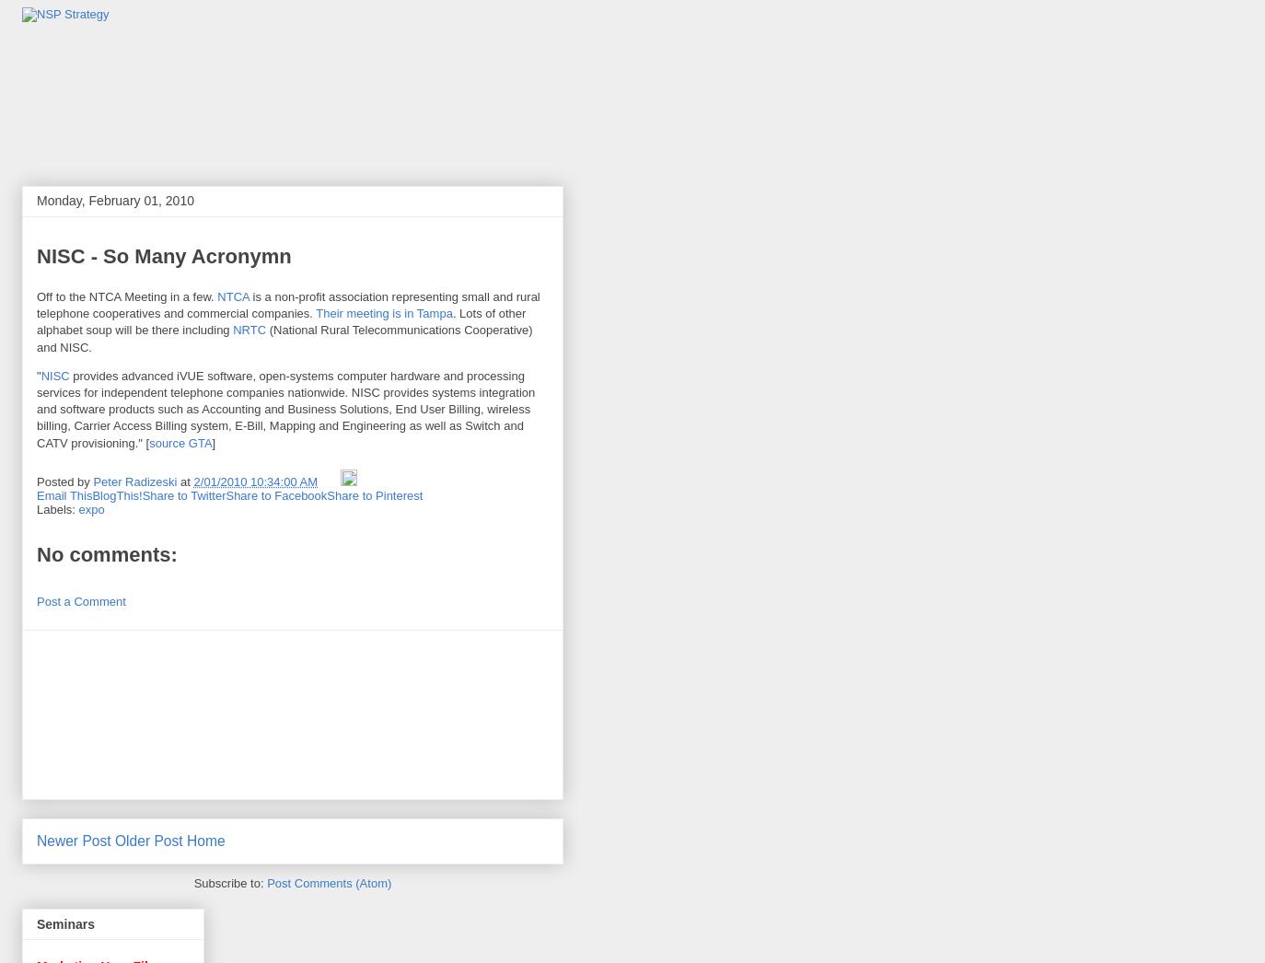 Image resolution: width=1265 pixels, height=963 pixels. What do you see at coordinates (162, 256) in the screenshot?
I see `'NISC - So Many Acronymn'` at bounding box center [162, 256].